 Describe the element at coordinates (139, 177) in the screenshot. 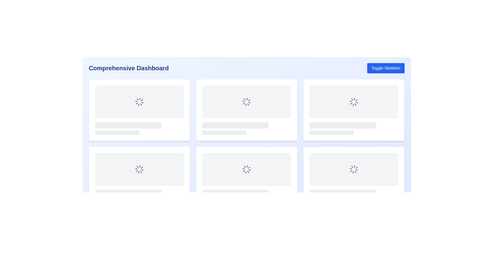

I see `the Placeholder card with a spinner and dummy content, which is a white card with a rounded rectangular shape and a grey circular loader at its center` at that location.